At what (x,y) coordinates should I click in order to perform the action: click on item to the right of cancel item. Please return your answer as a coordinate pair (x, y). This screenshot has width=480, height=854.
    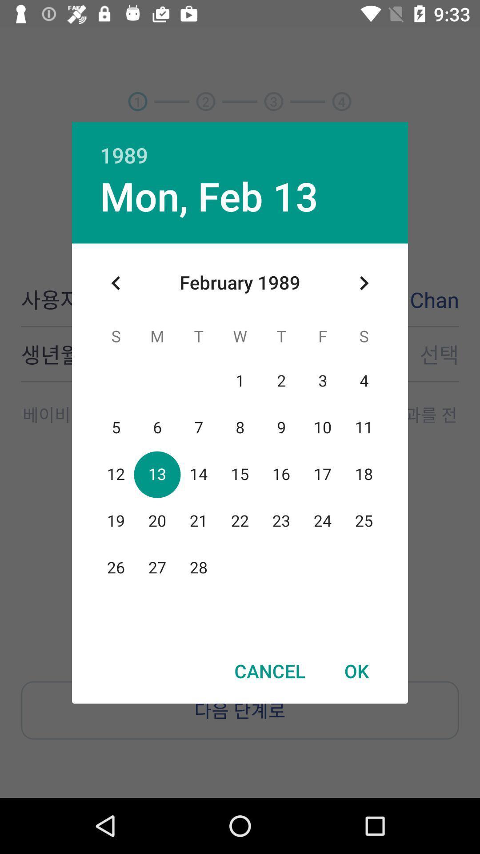
    Looking at the image, I should click on (356, 671).